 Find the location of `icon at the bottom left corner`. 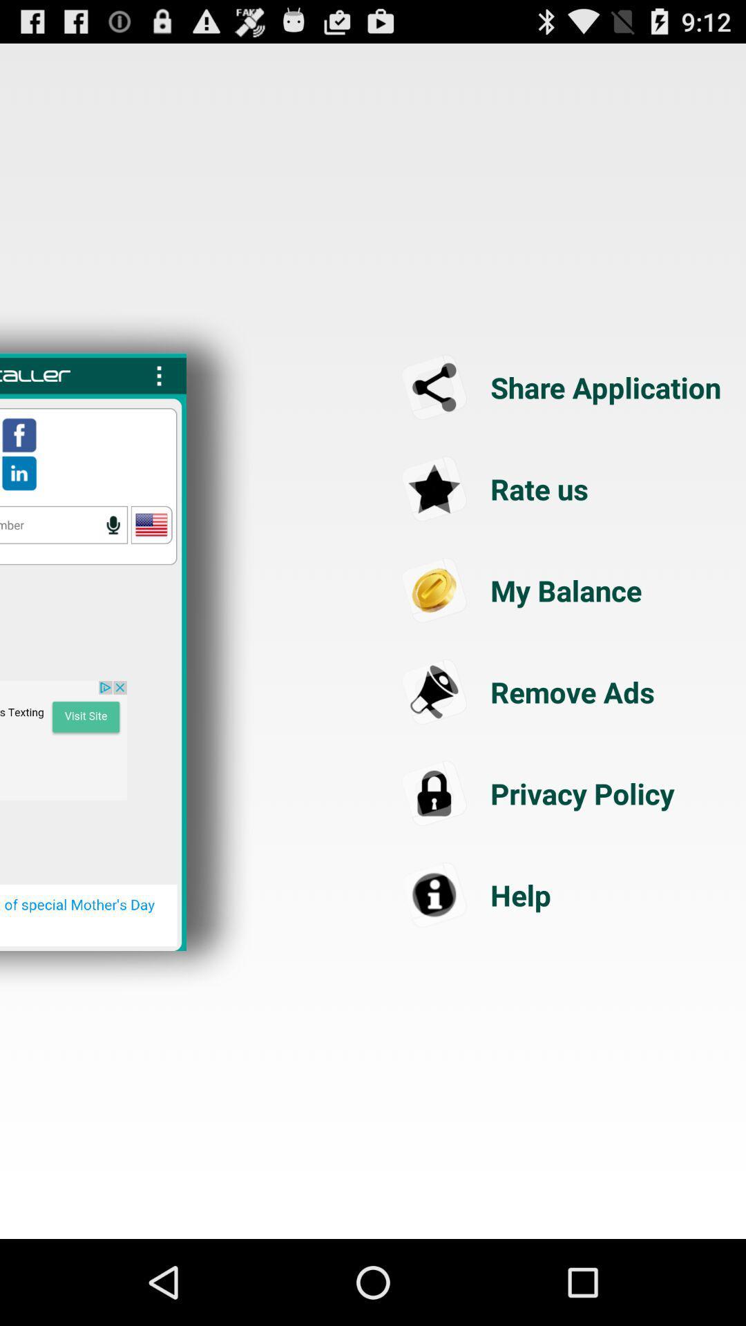

icon at the bottom left corner is located at coordinates (88, 915).